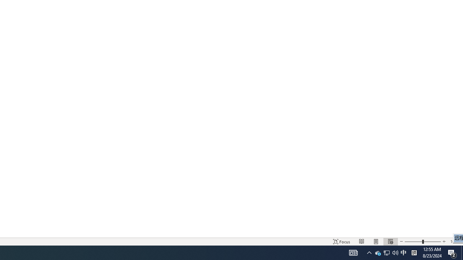 The image size is (463, 260). Describe the element at coordinates (422, 242) in the screenshot. I see `'Zoom'` at that location.